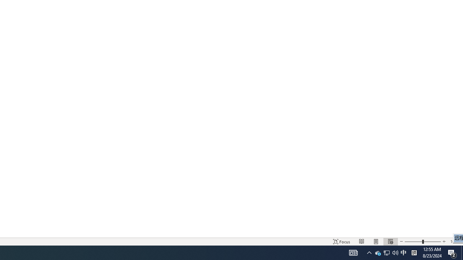 The image size is (463, 260). Describe the element at coordinates (422, 242) in the screenshot. I see `'Zoom'` at that location.